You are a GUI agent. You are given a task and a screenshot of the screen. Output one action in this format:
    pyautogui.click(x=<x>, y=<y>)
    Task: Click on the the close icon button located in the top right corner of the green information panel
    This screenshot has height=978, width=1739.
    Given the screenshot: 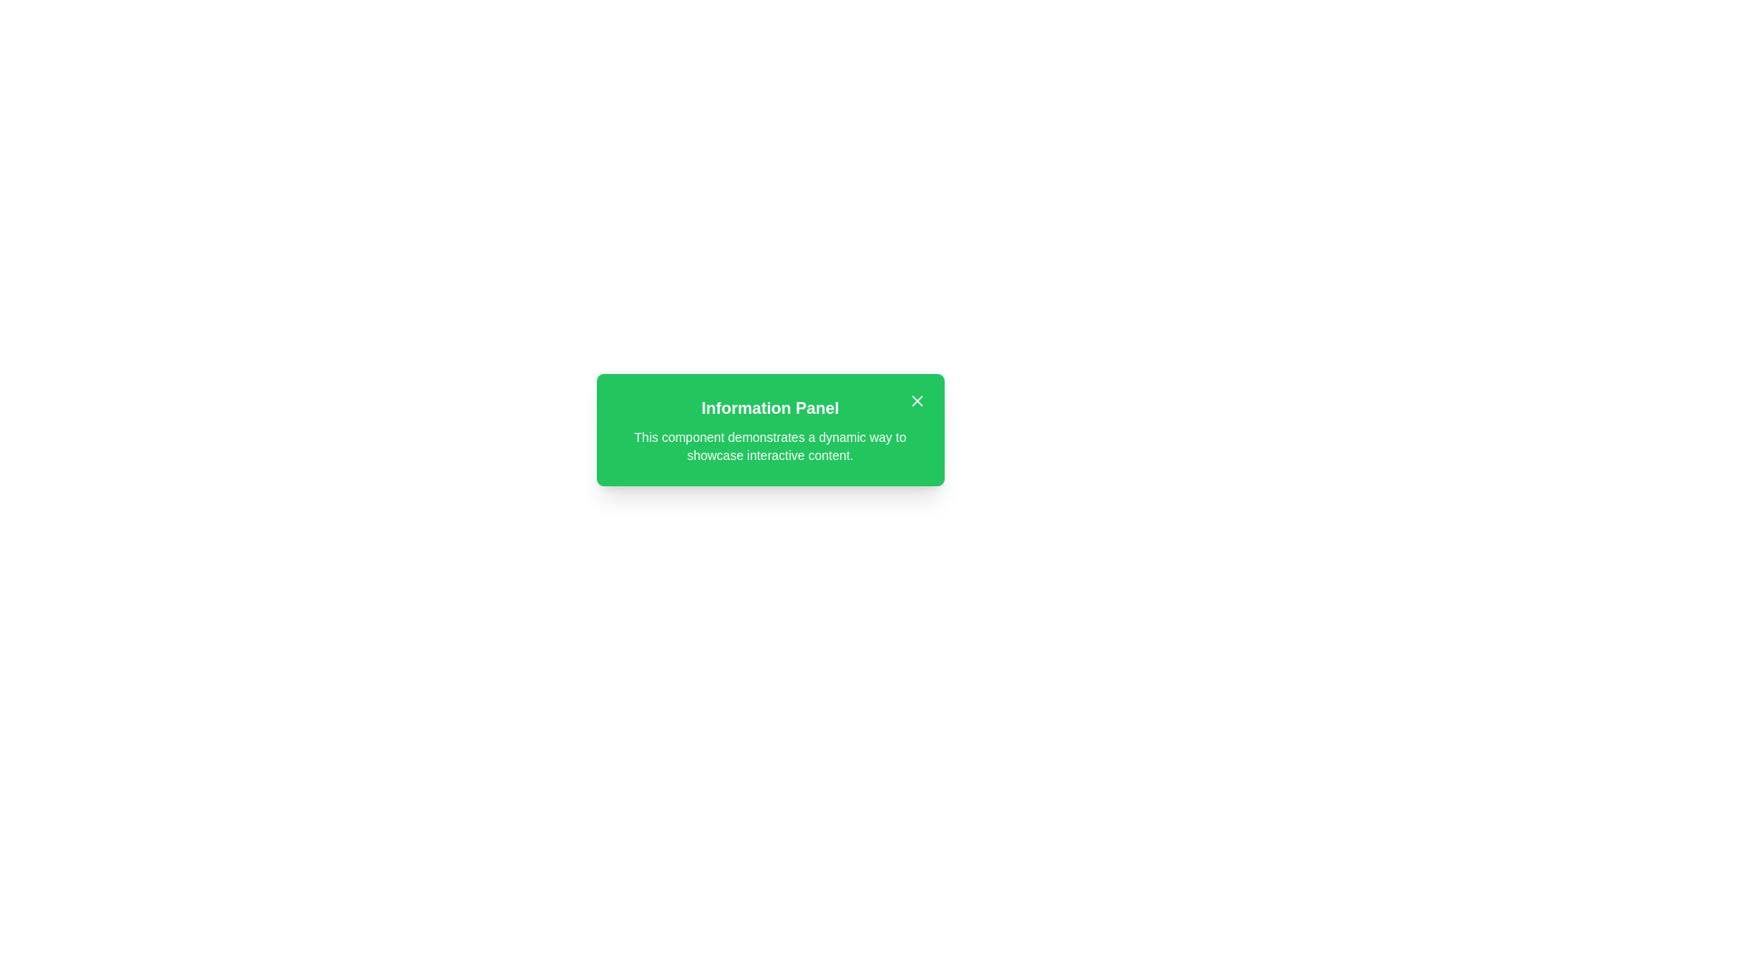 What is the action you would take?
    pyautogui.click(x=917, y=400)
    